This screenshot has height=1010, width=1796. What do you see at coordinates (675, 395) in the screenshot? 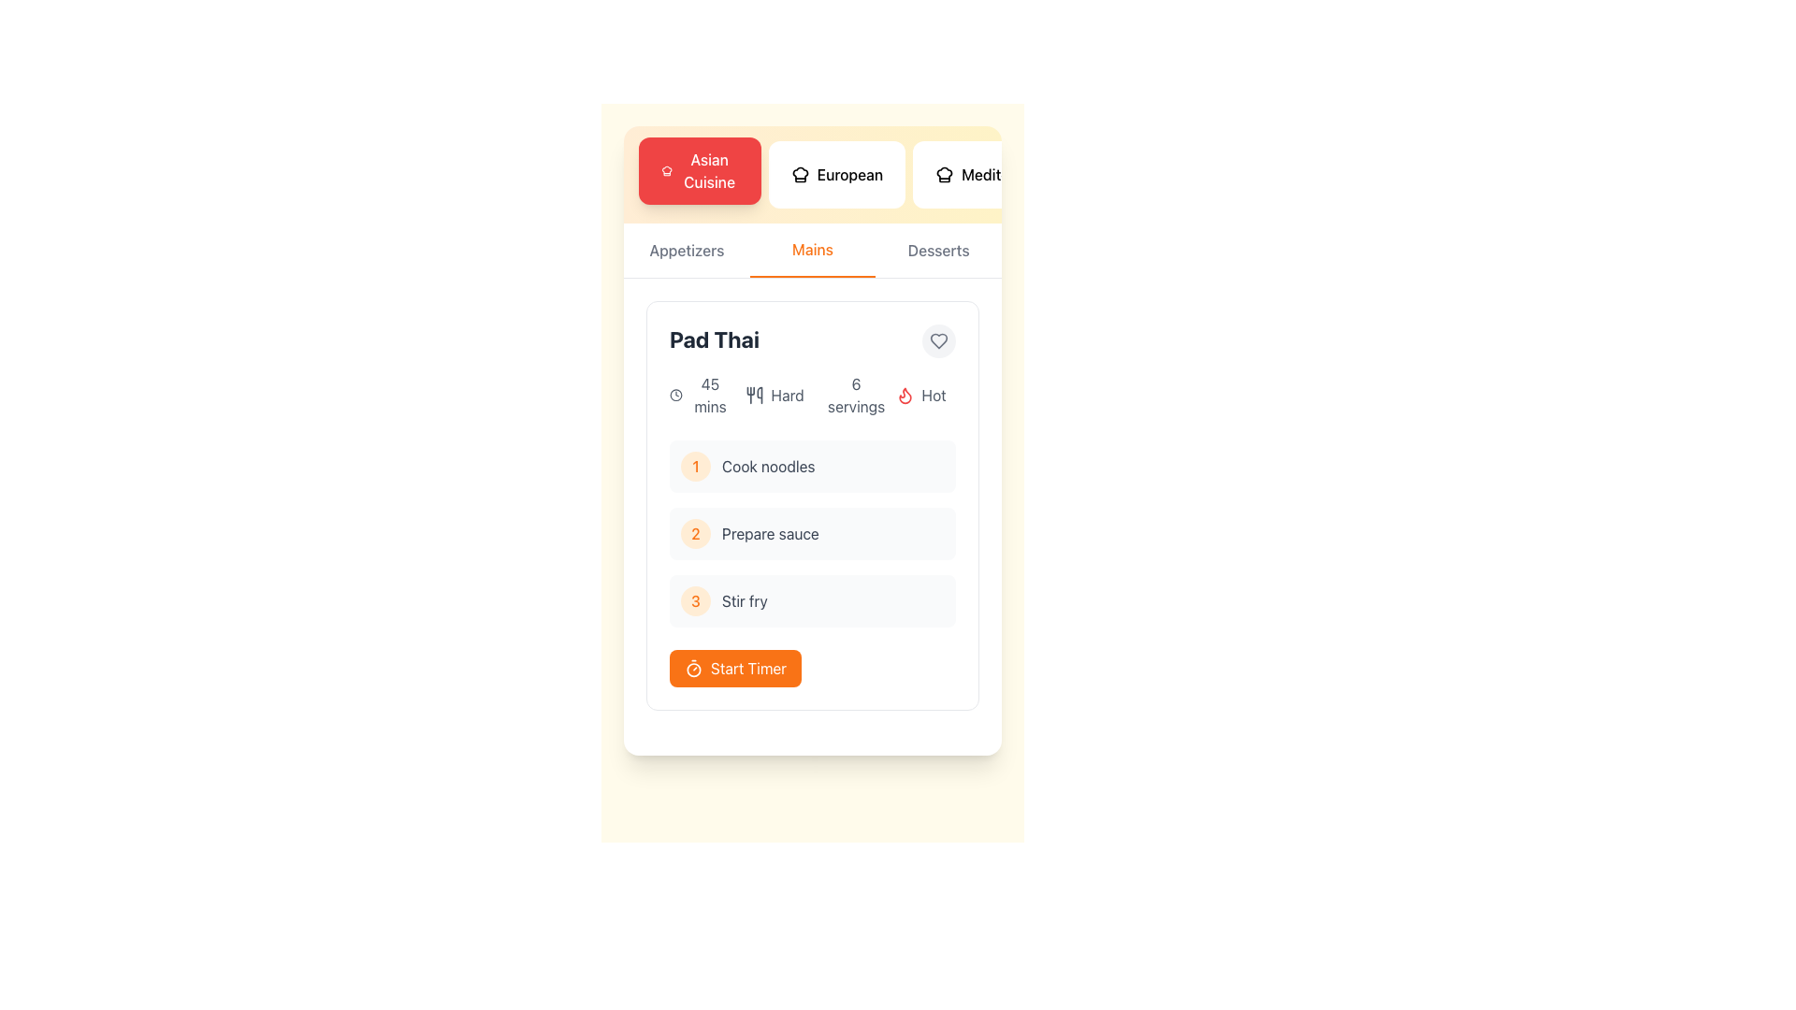
I see `the small clock icon located in the upper-right portion of the 'Pad Thai' card, which is positioned just to the left of the '45 mins' text` at bounding box center [675, 395].